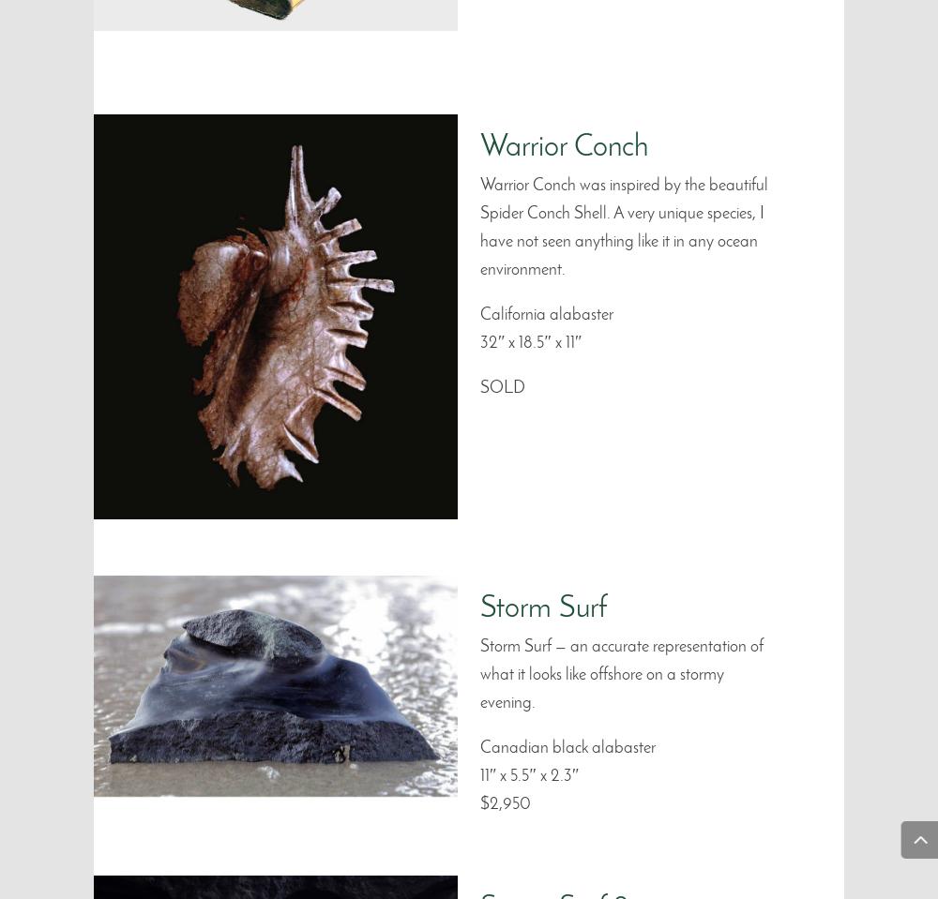 The height and width of the screenshot is (899, 938). I want to click on '$2,950', so click(506, 803).